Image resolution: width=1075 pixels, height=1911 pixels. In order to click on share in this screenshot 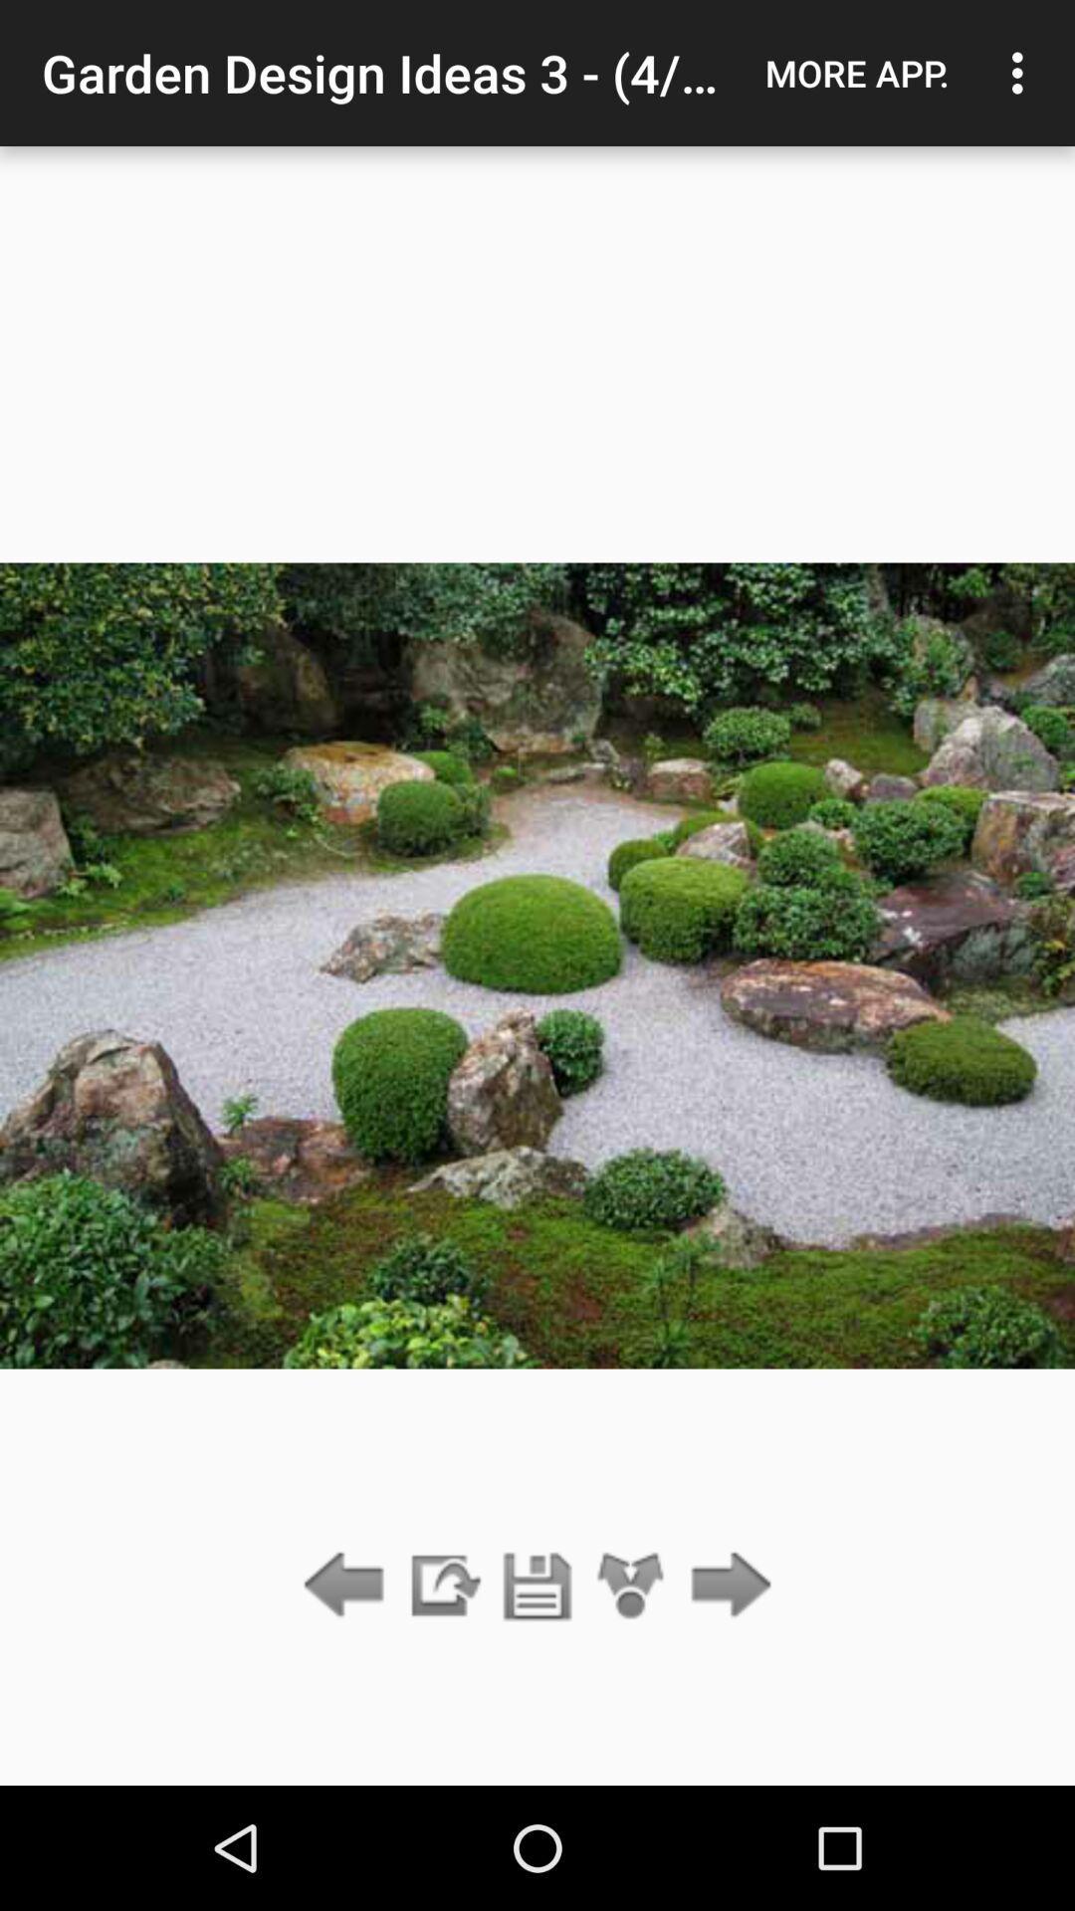, I will do `click(631, 1586)`.